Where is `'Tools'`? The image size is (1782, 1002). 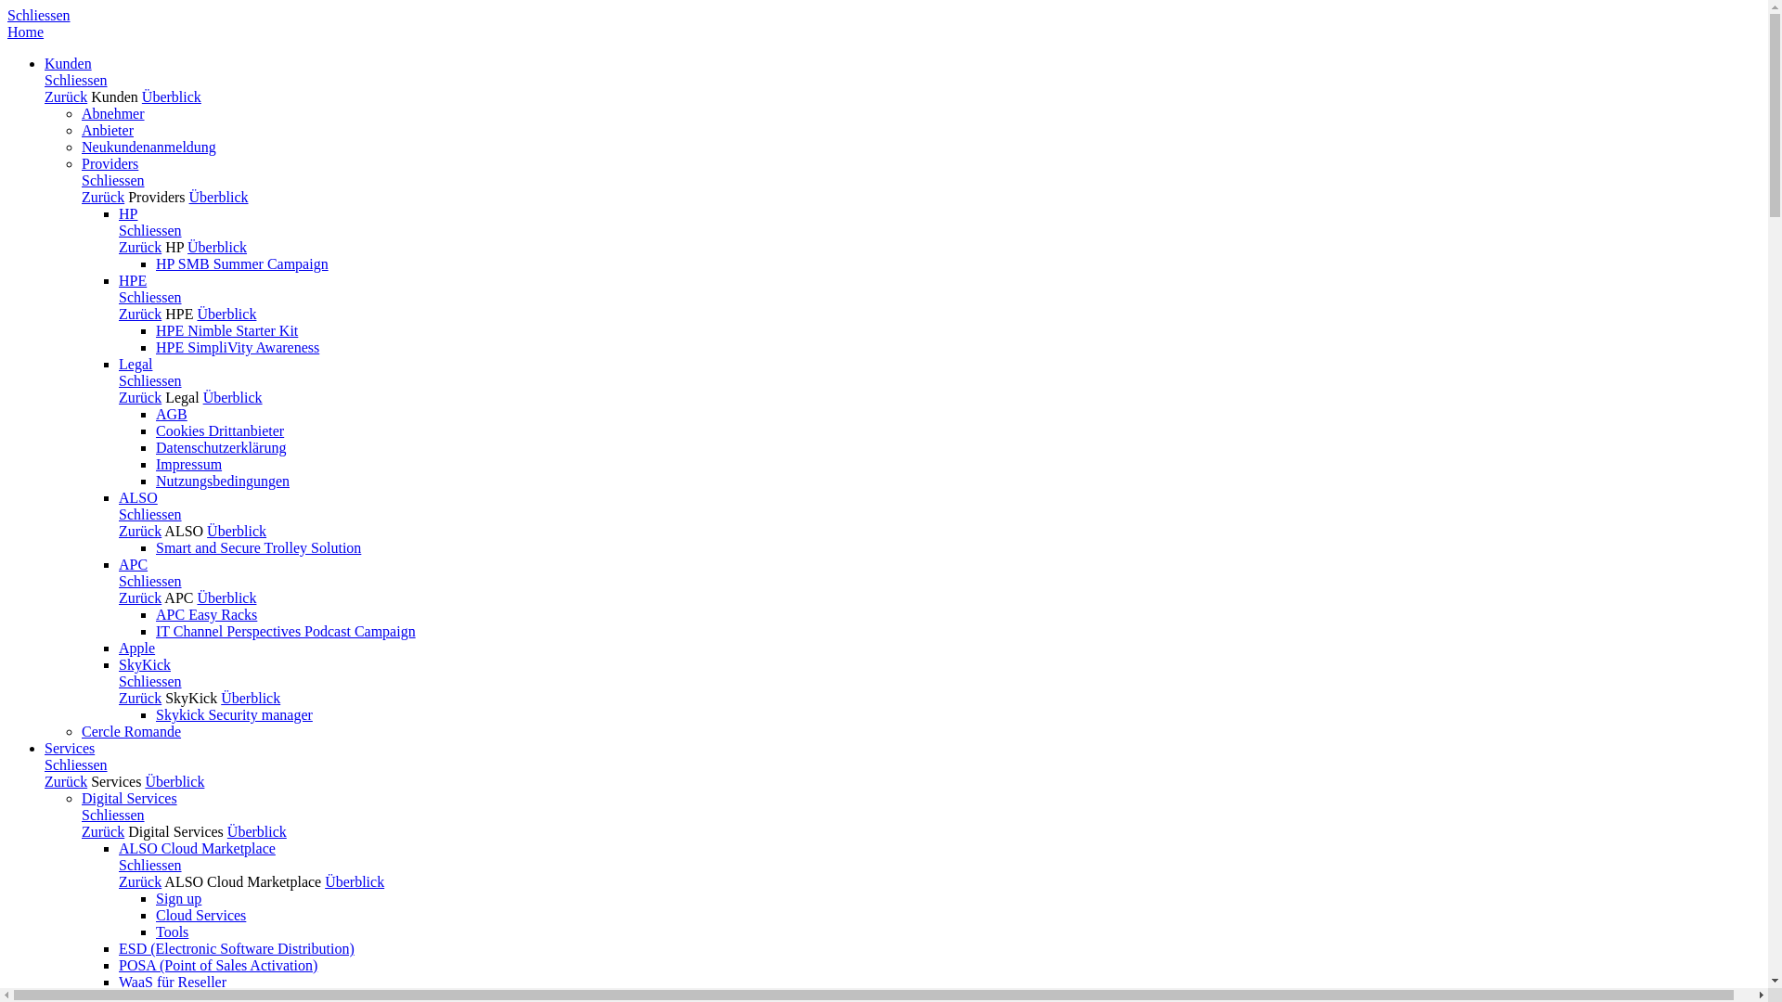
'Tools' is located at coordinates (172, 931).